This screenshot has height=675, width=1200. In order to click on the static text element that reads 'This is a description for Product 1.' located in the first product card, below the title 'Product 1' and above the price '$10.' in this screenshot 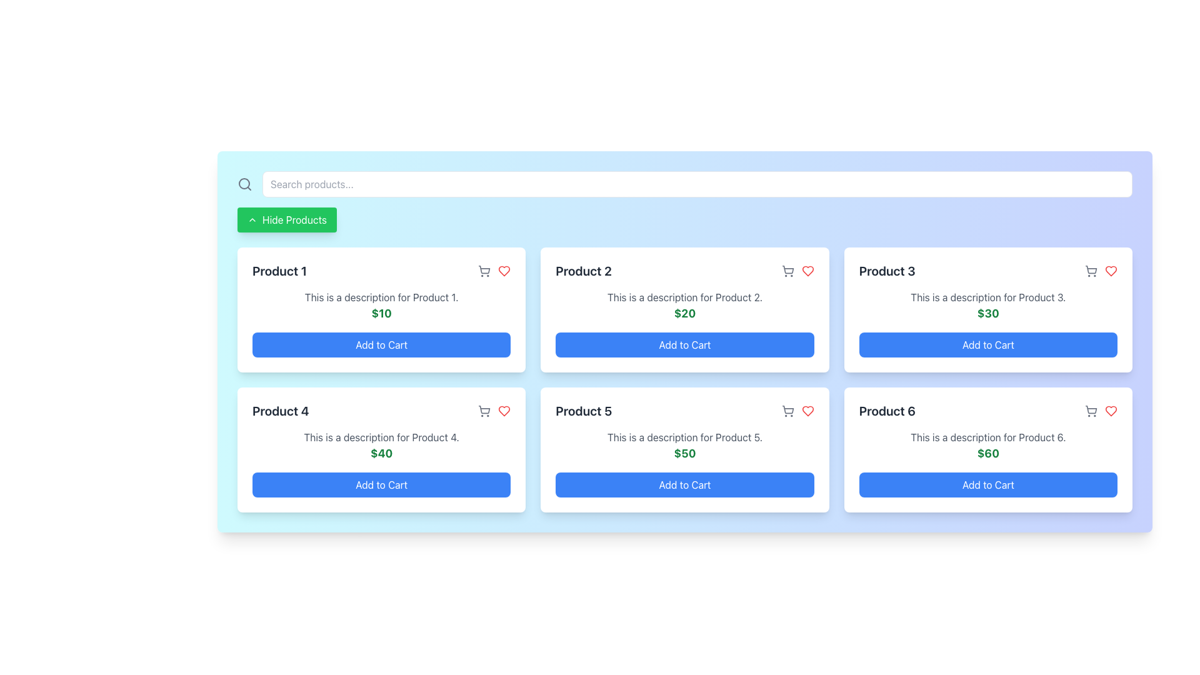, I will do `click(381, 297)`.